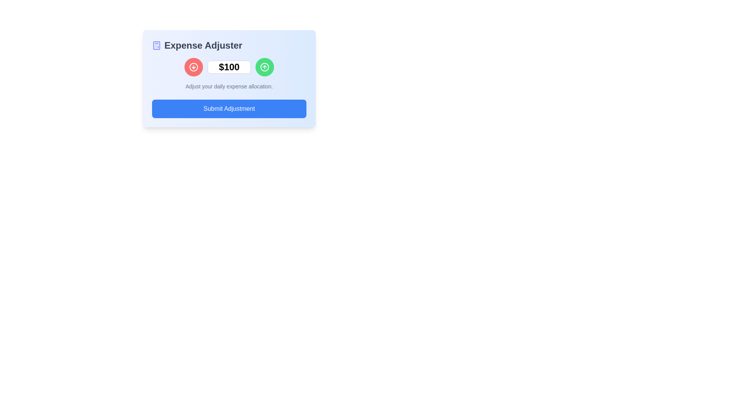 This screenshot has height=417, width=741. Describe the element at coordinates (229, 66) in the screenshot. I see `the text input field in the 'Expense Adjuster' section to focus and edit its value` at that location.